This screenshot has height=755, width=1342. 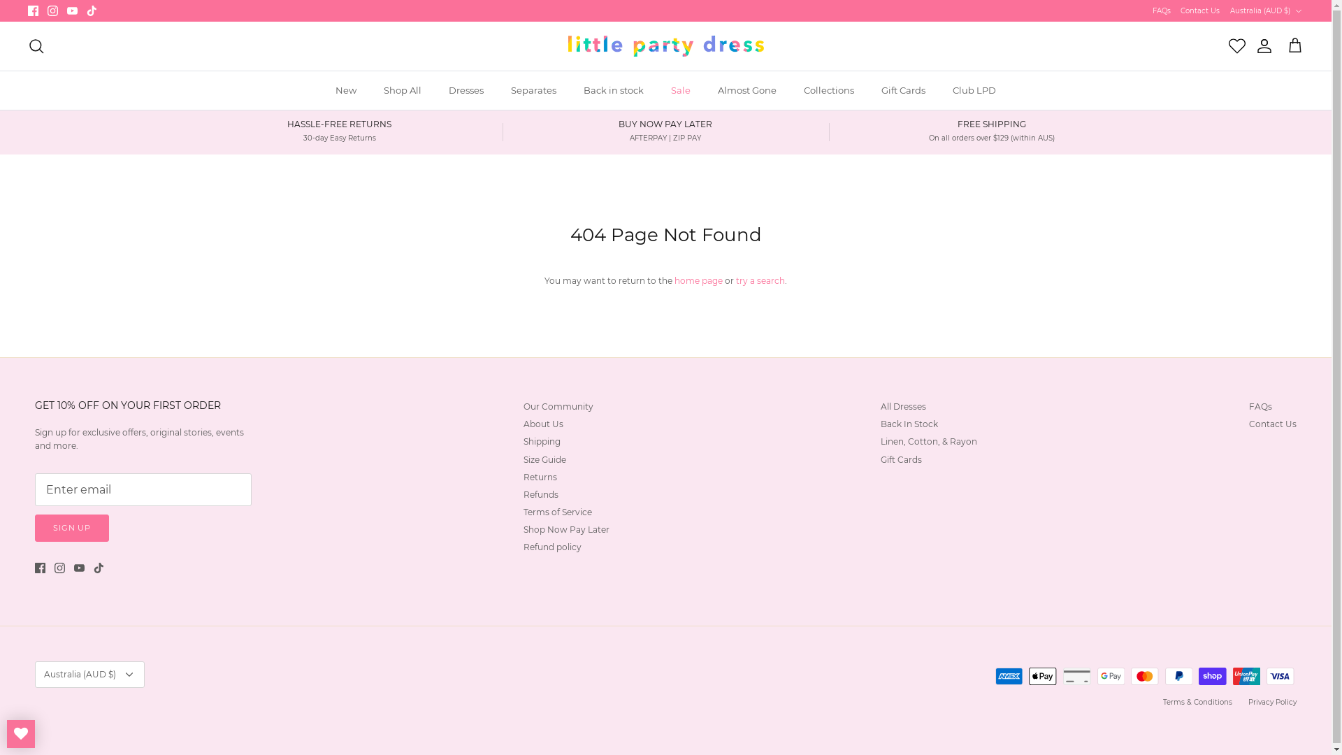 What do you see at coordinates (1153, 10) in the screenshot?
I see `'FAQs'` at bounding box center [1153, 10].